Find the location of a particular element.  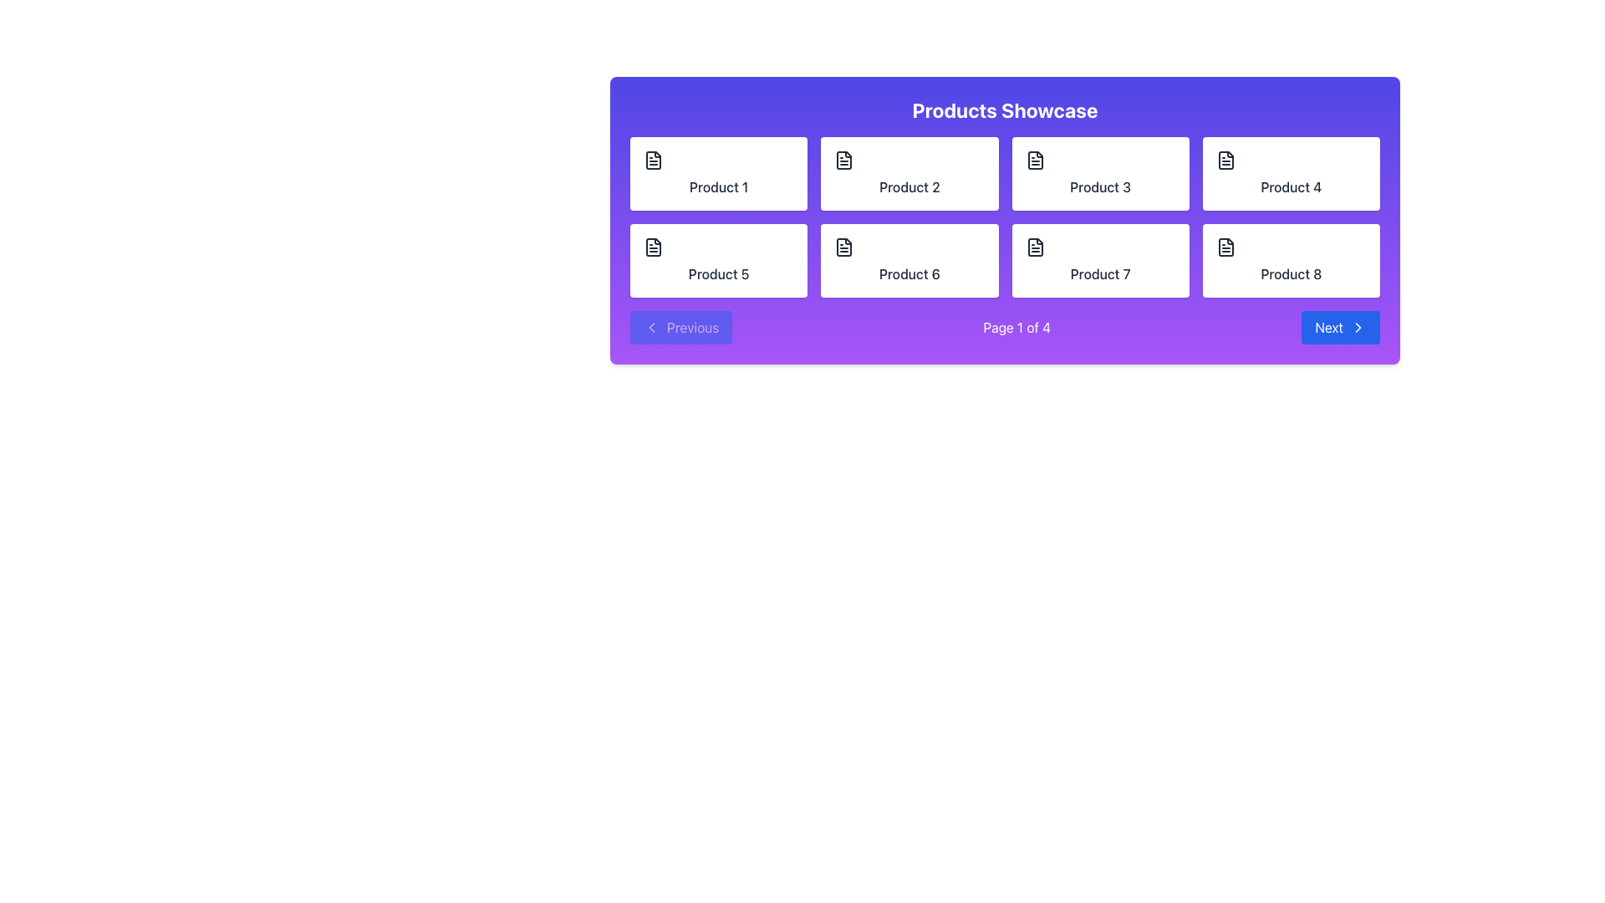

the SVG chevron icon that indicates the direction for advancing to the next page, located adjacent to the 'Next' button in the pagination control section is located at coordinates (1358, 328).